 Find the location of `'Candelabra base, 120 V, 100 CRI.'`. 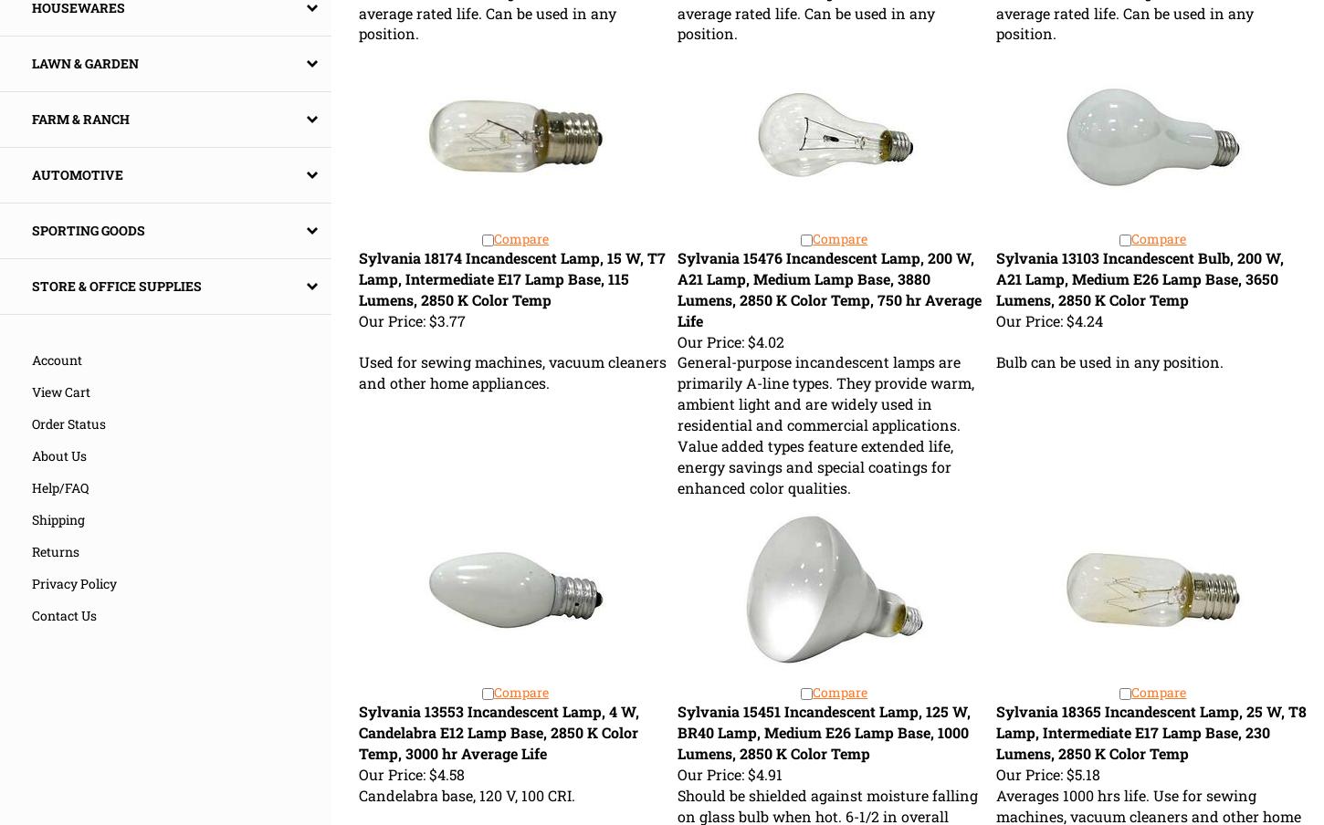

'Candelabra base, 120 V, 100 CRI.' is located at coordinates (466, 794).